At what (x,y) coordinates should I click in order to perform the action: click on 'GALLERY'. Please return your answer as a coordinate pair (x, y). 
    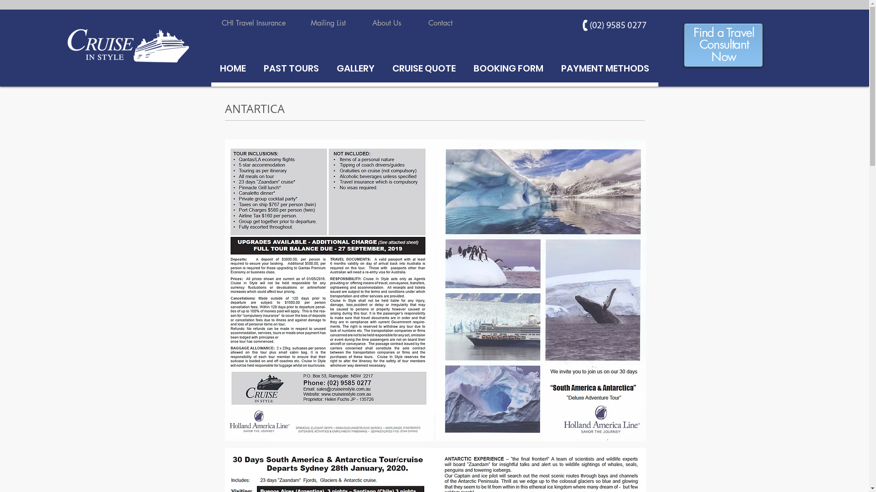
    Looking at the image, I should click on (355, 68).